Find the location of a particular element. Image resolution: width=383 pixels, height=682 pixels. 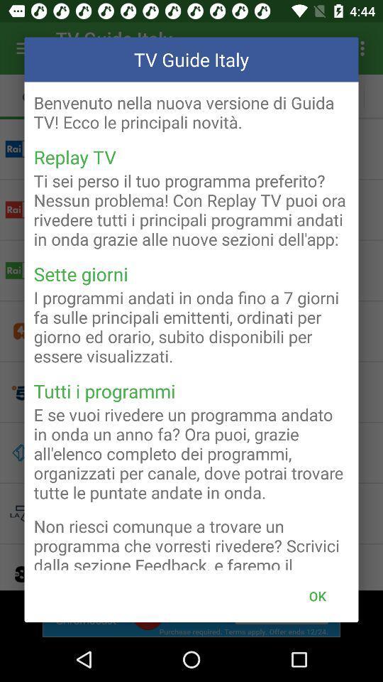

the ok is located at coordinates (317, 596).